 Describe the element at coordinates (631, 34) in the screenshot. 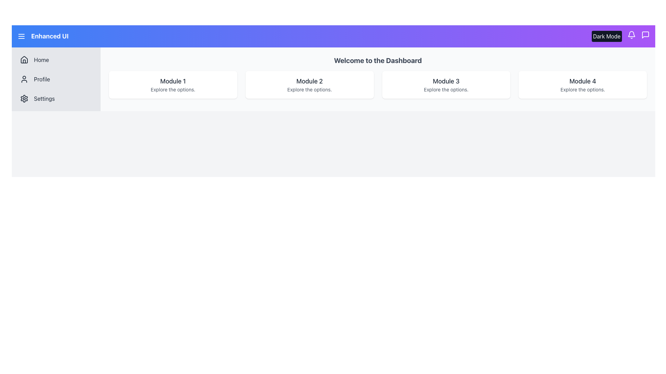

I see `the bell icon located in the notification section, positioned near the top-right corner of the interface between the 'Dark Mode' toggle and a chat bubble icon` at that location.